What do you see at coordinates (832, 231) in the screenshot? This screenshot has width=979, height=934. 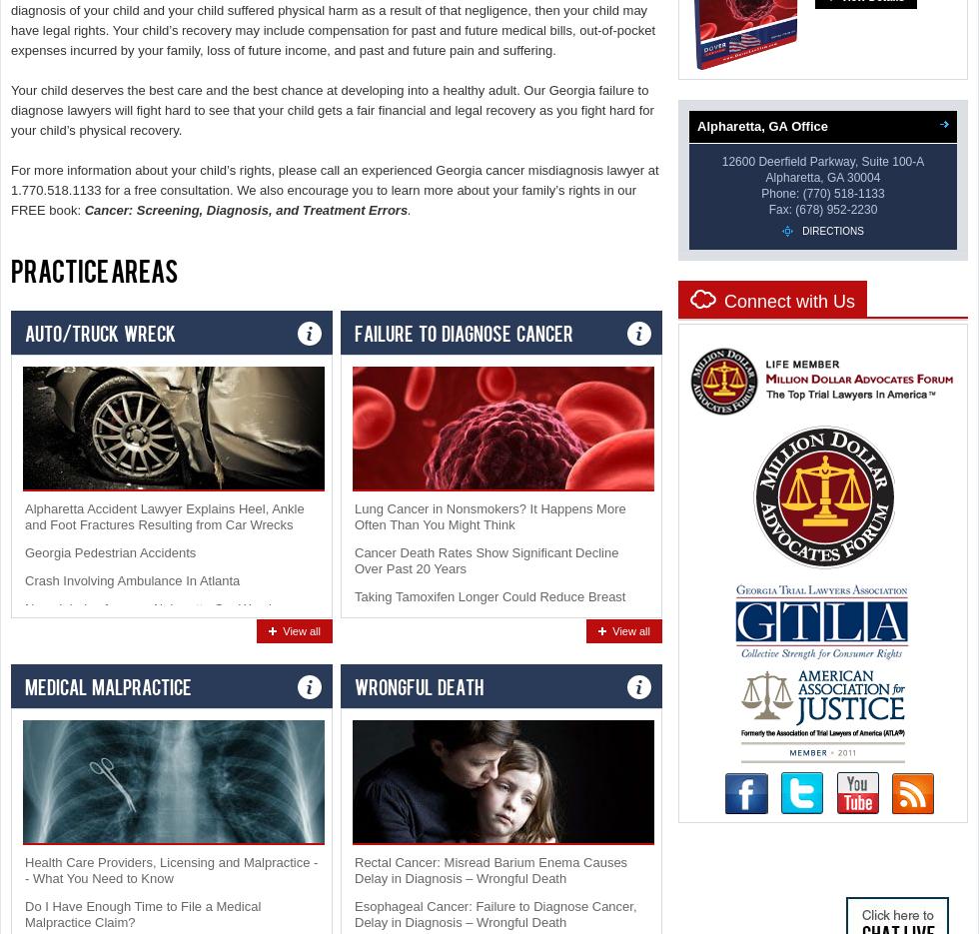 I see `'Directions'` at bounding box center [832, 231].